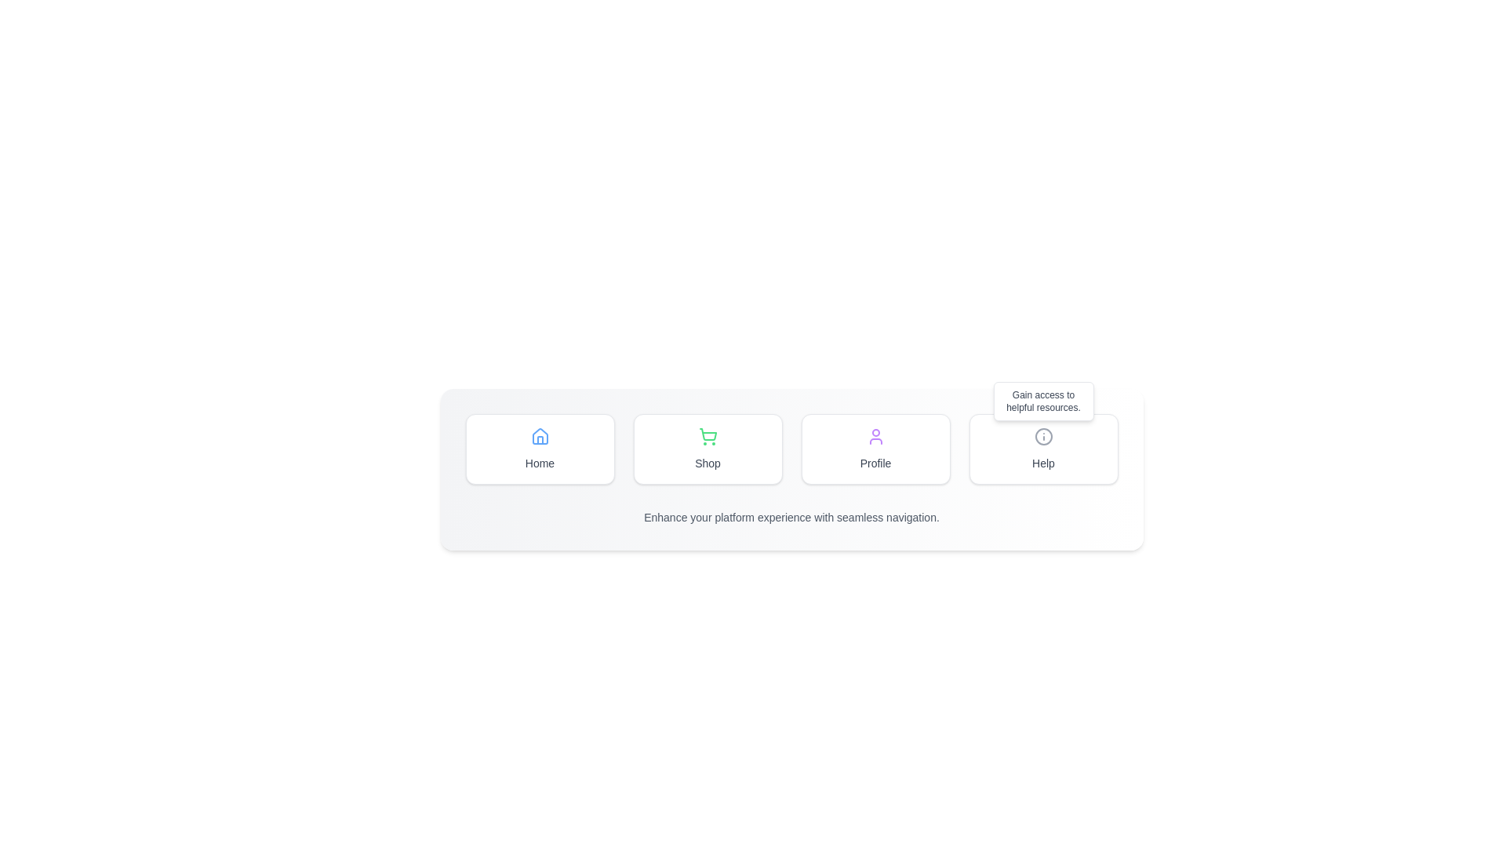 The width and height of the screenshot is (1506, 847). Describe the element at coordinates (707, 462) in the screenshot. I see `the text label displaying 'Shop' in lowercase gray font, located directly beneath the green shopping cart icon in the second group of four horizontally aligned groups` at that location.